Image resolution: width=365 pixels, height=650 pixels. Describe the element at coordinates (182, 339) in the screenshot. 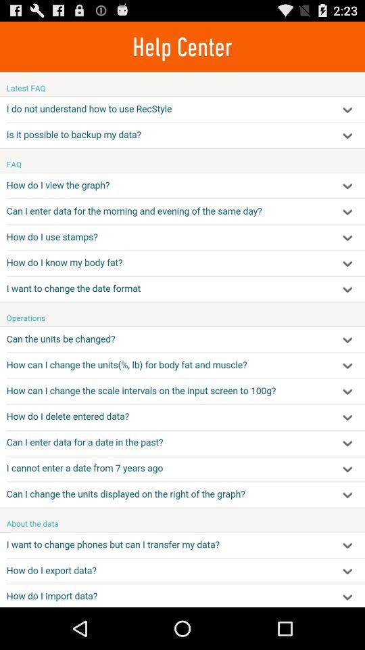

I see `showing help center information` at that location.